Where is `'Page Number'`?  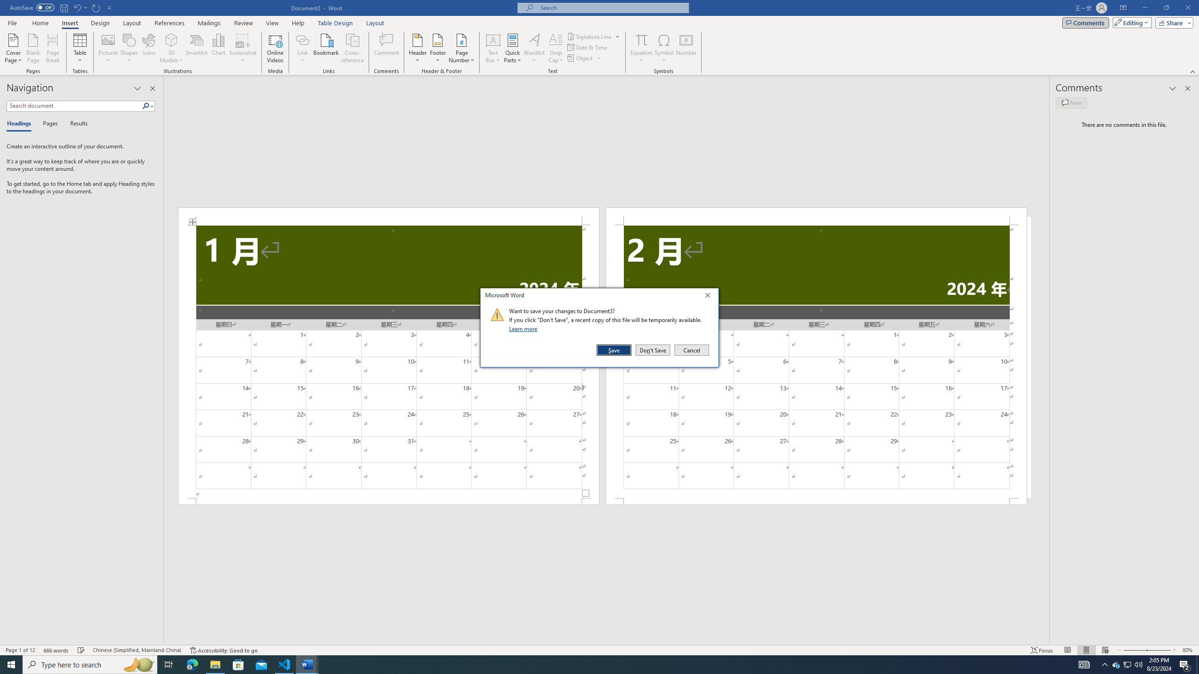 'Page Number' is located at coordinates (461, 48).